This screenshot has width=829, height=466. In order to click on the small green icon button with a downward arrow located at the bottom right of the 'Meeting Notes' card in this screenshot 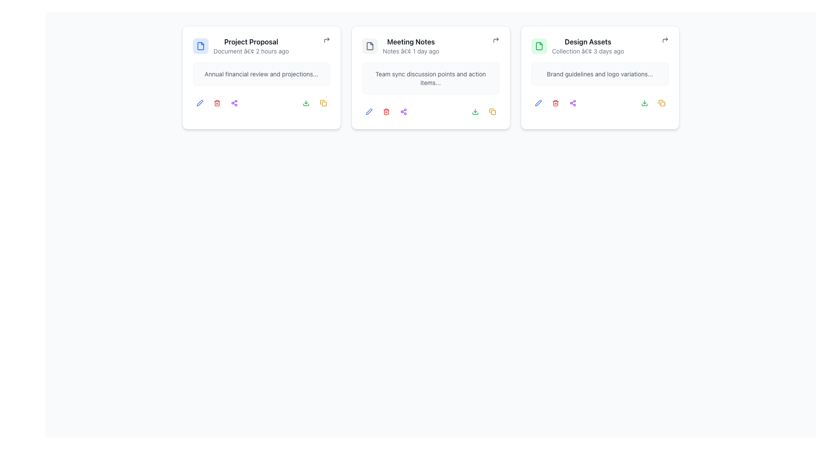, I will do `click(306, 103)`.